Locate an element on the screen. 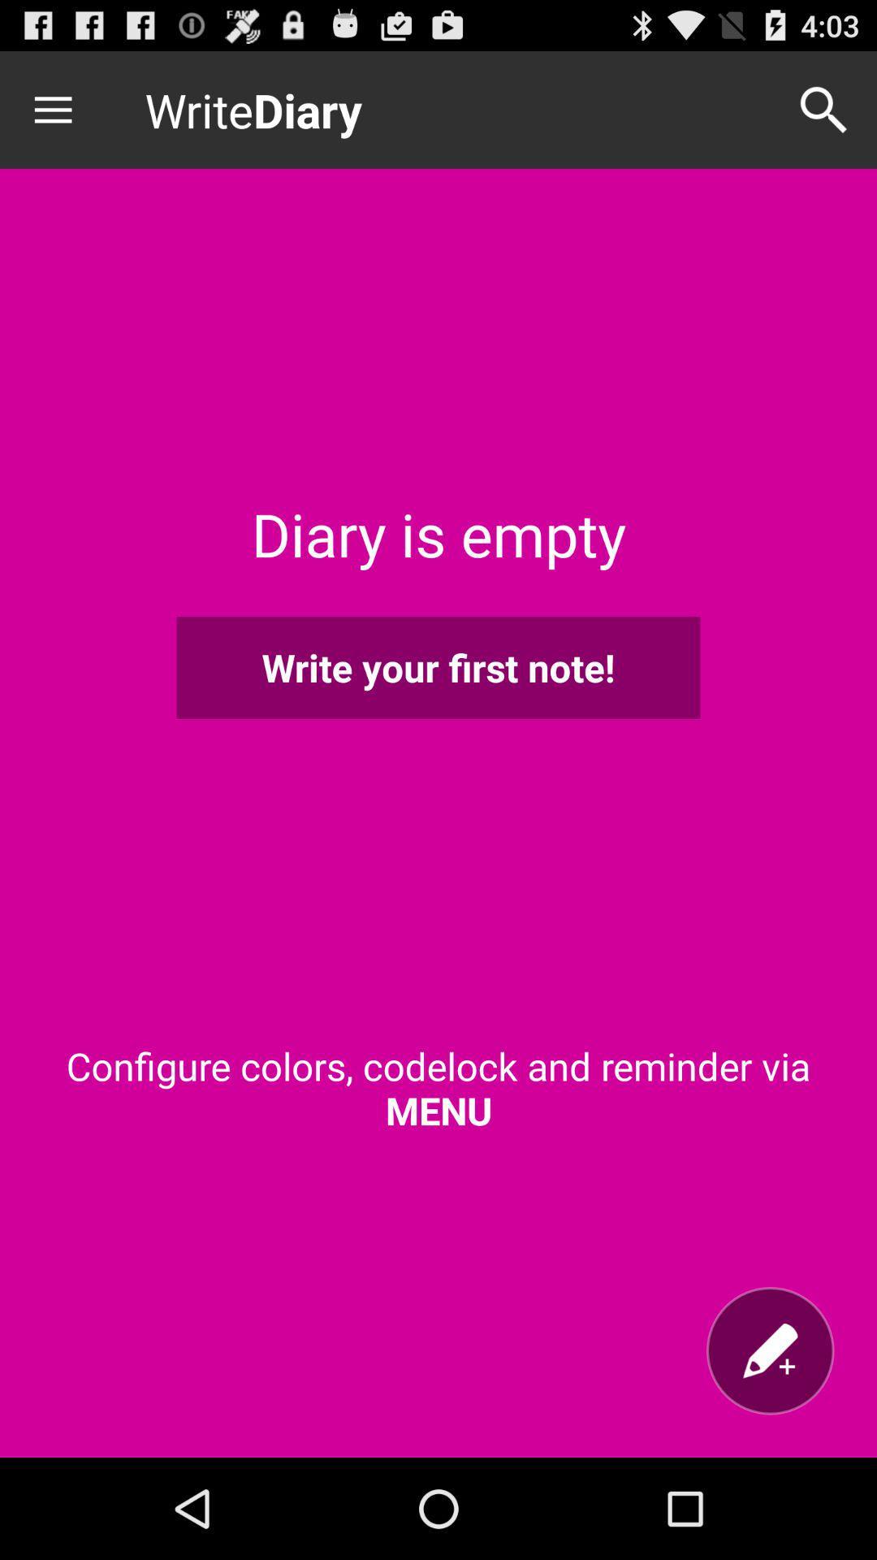  icon at the bottom right corner is located at coordinates (769, 1350).